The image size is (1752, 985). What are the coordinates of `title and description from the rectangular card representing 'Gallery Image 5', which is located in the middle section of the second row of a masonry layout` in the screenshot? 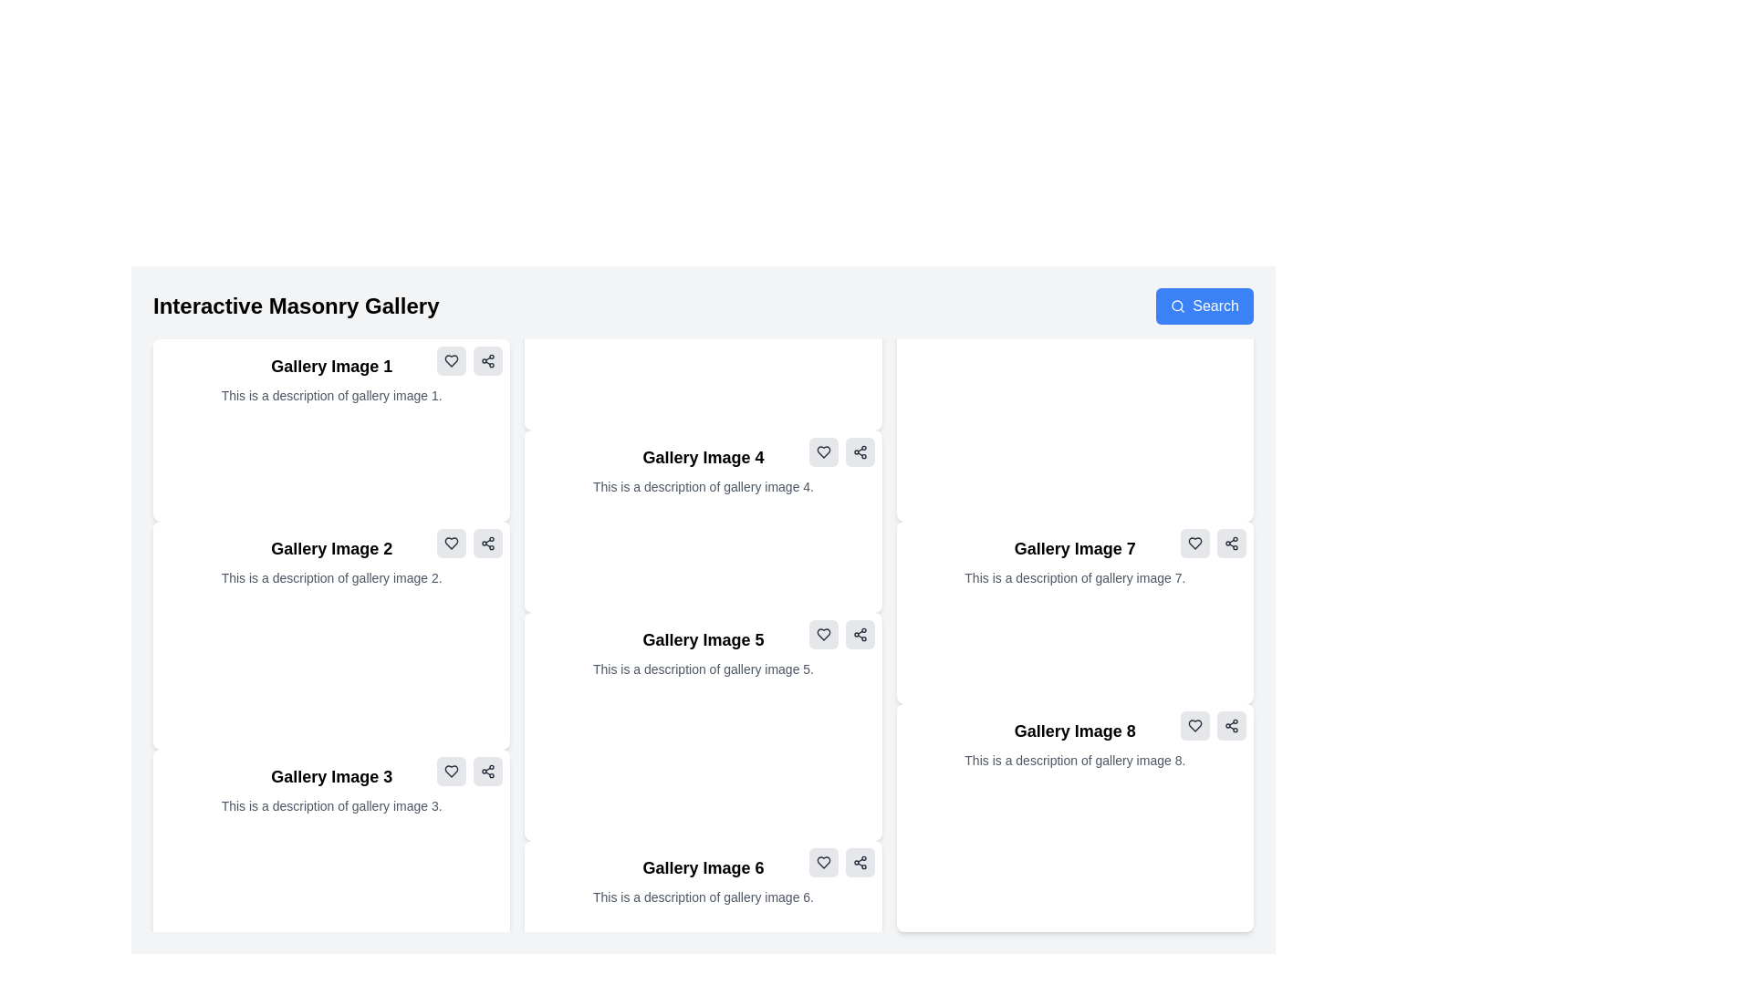 It's located at (703, 652).